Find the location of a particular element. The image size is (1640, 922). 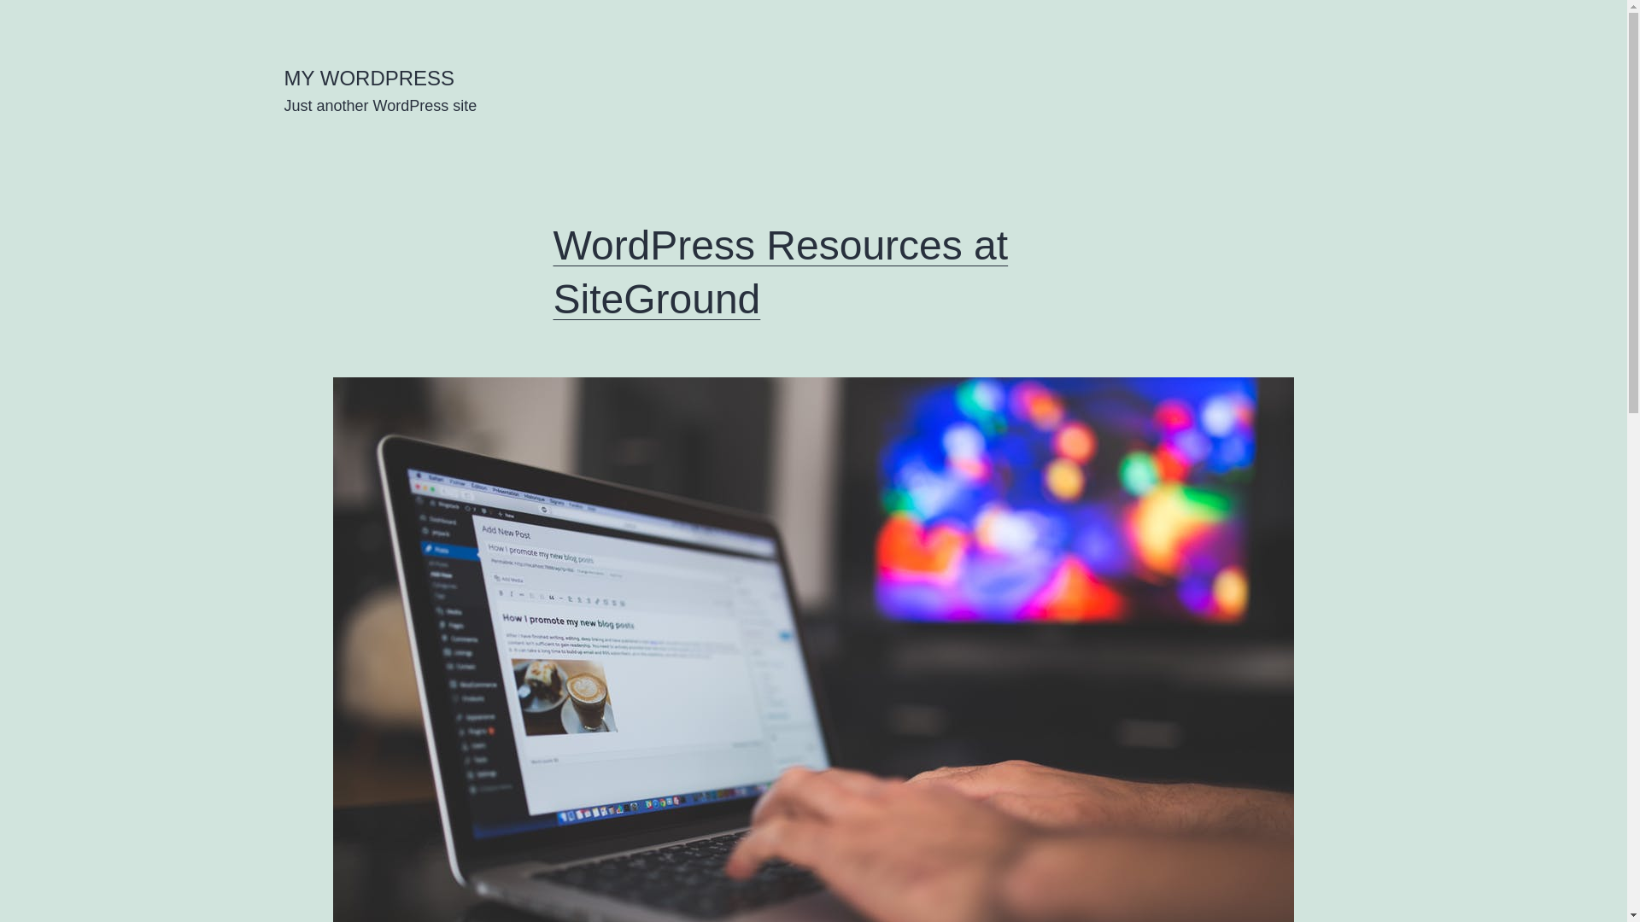

'WordPress Resources at SiteGround' is located at coordinates (780, 271).